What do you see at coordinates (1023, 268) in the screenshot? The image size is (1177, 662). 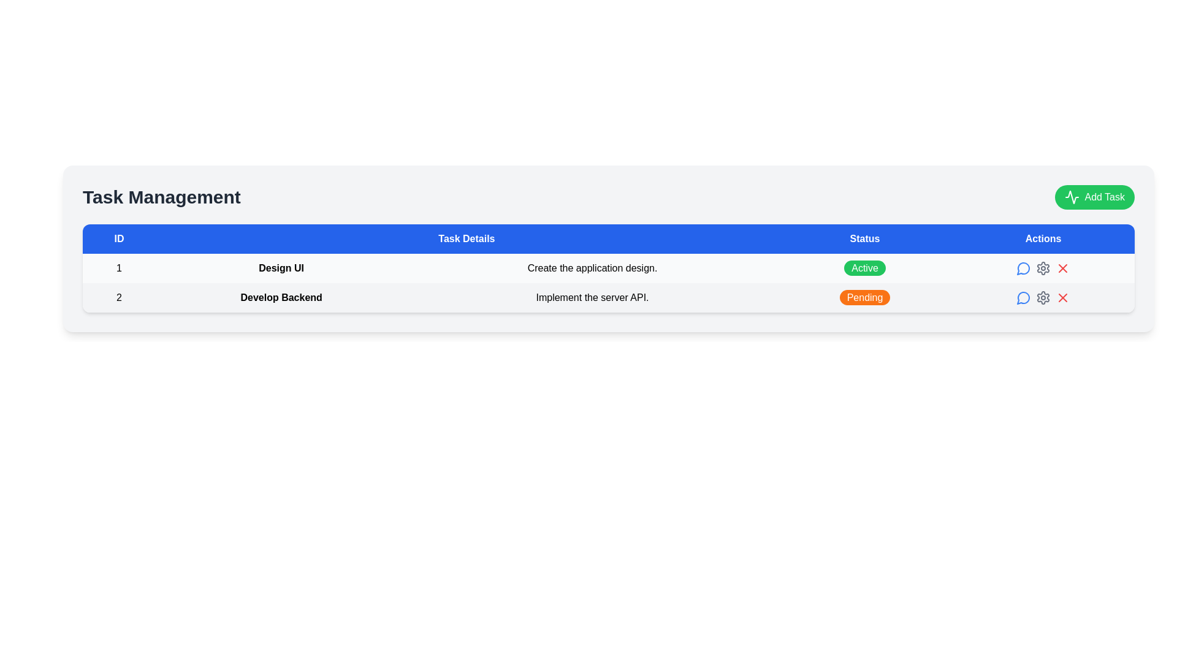 I see `the circular speech bubble icon in the 'Actions' column, specifically in the second row for the task 'Develop Backend.'` at bounding box center [1023, 268].